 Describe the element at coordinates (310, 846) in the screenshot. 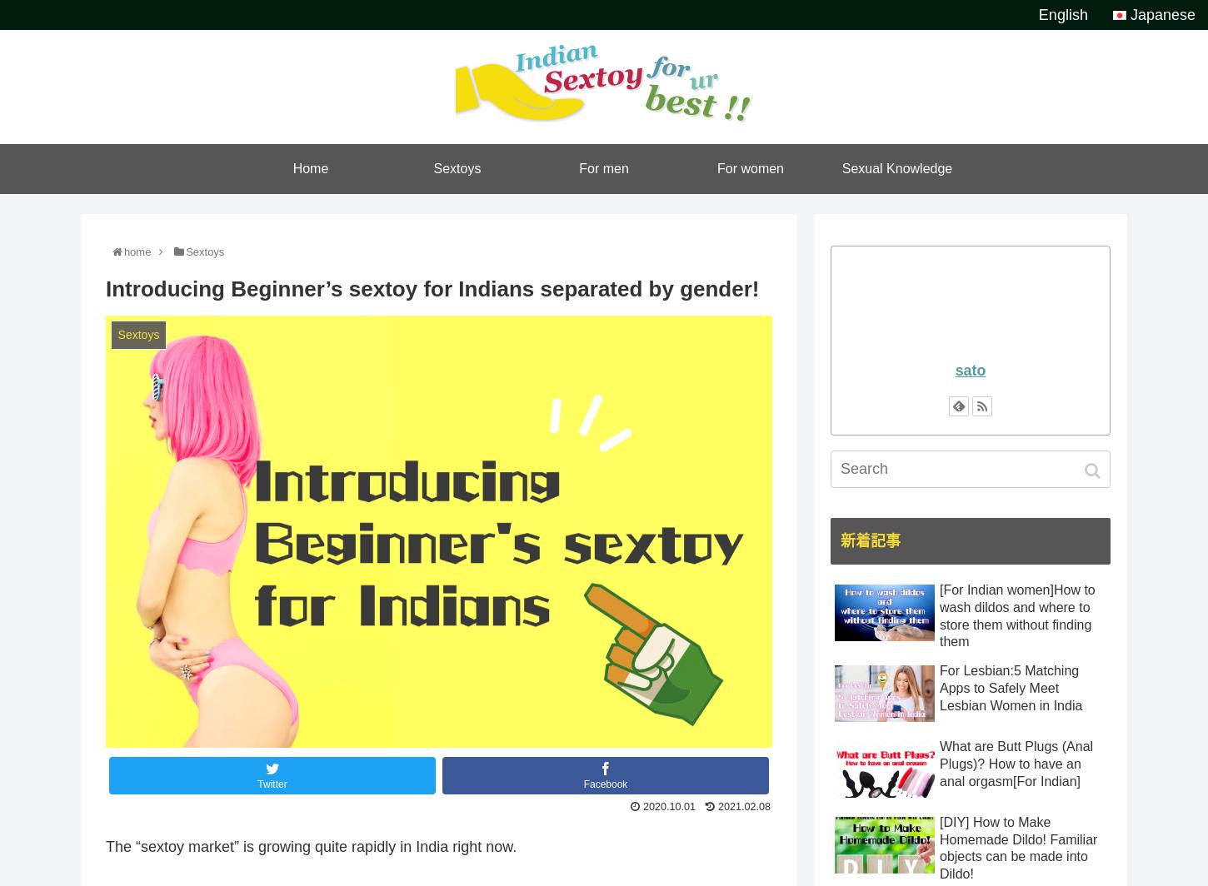

I see `'The “sextoy market” is growing quite rapidly in India right now.'` at that location.